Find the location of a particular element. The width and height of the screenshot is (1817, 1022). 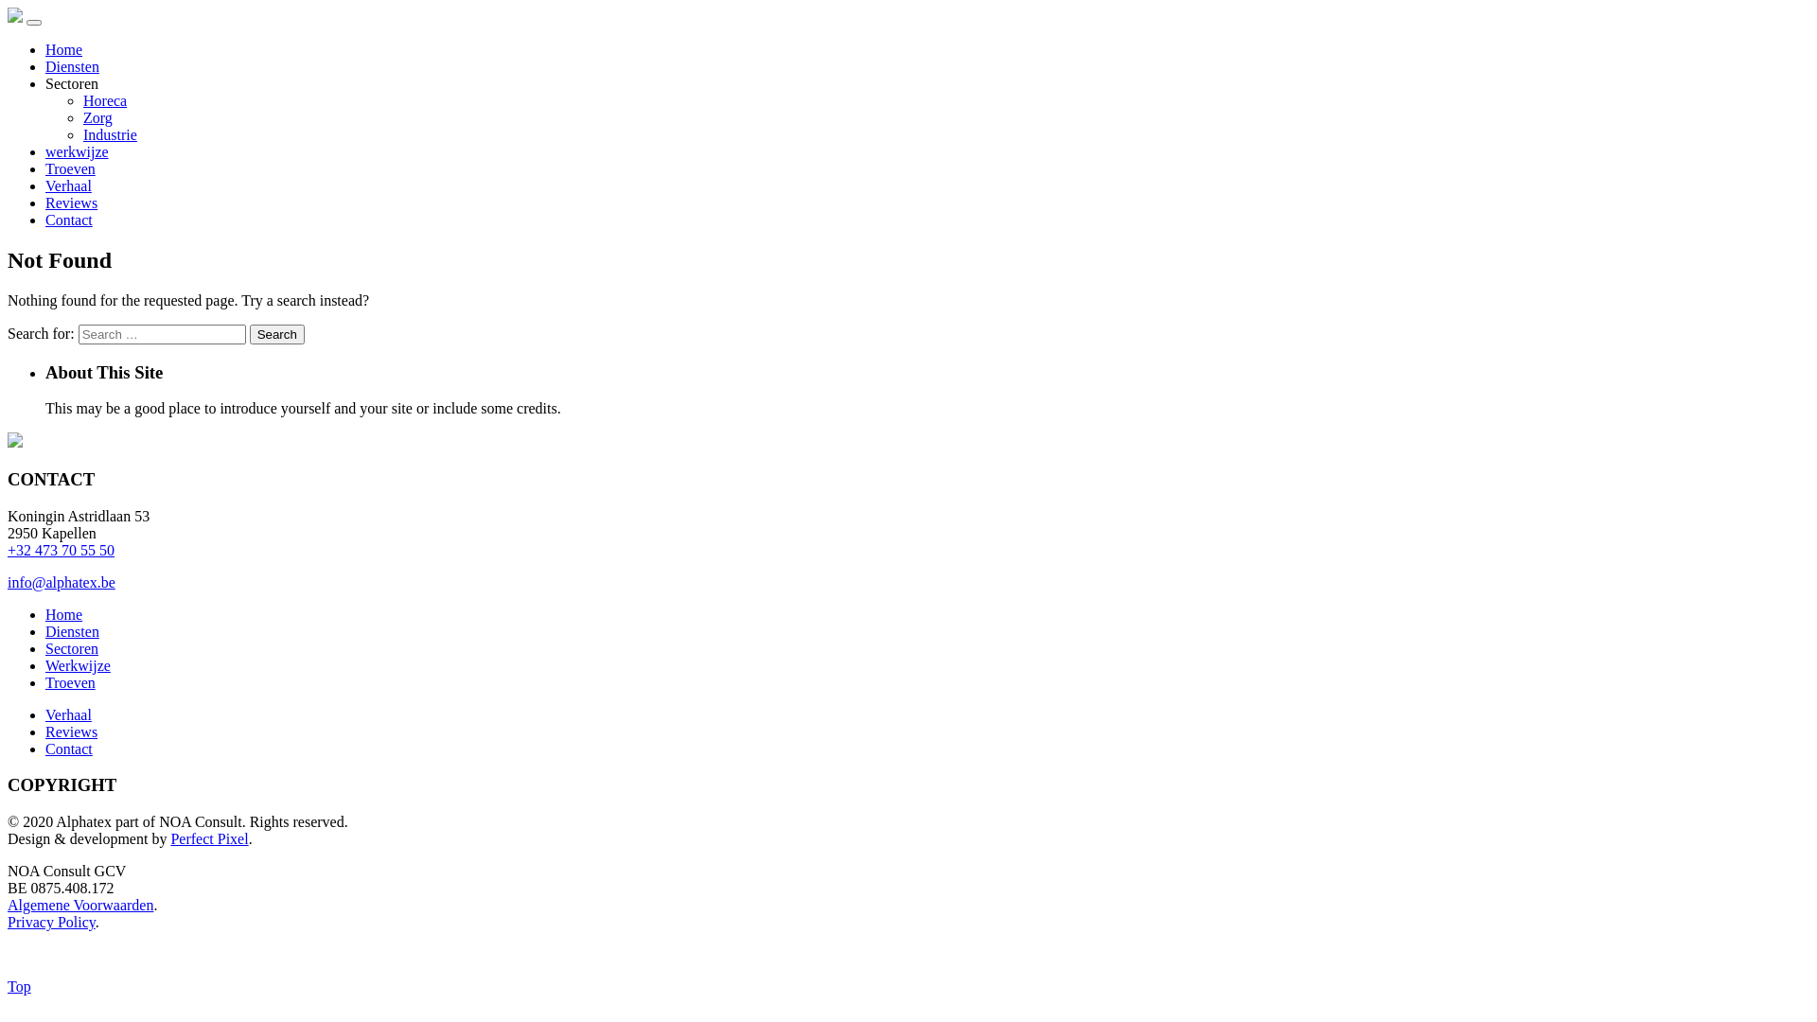

'Privacy Policy' is located at coordinates (51, 921).